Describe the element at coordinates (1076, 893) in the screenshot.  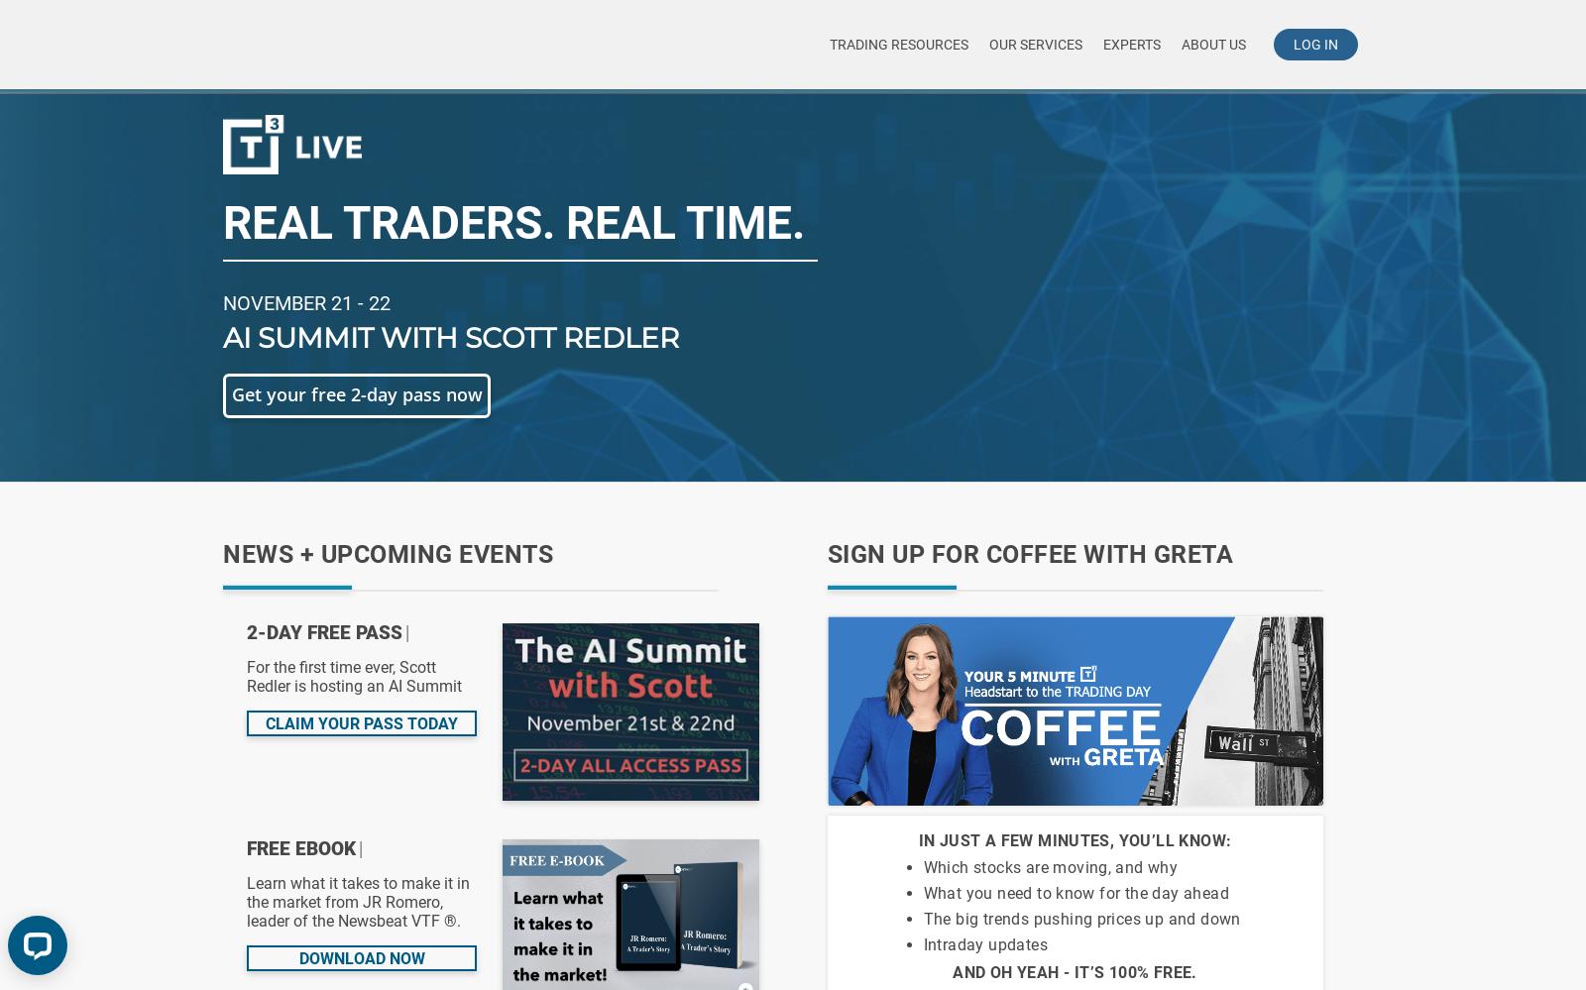
I see `'What you need to know for the day ahead'` at that location.